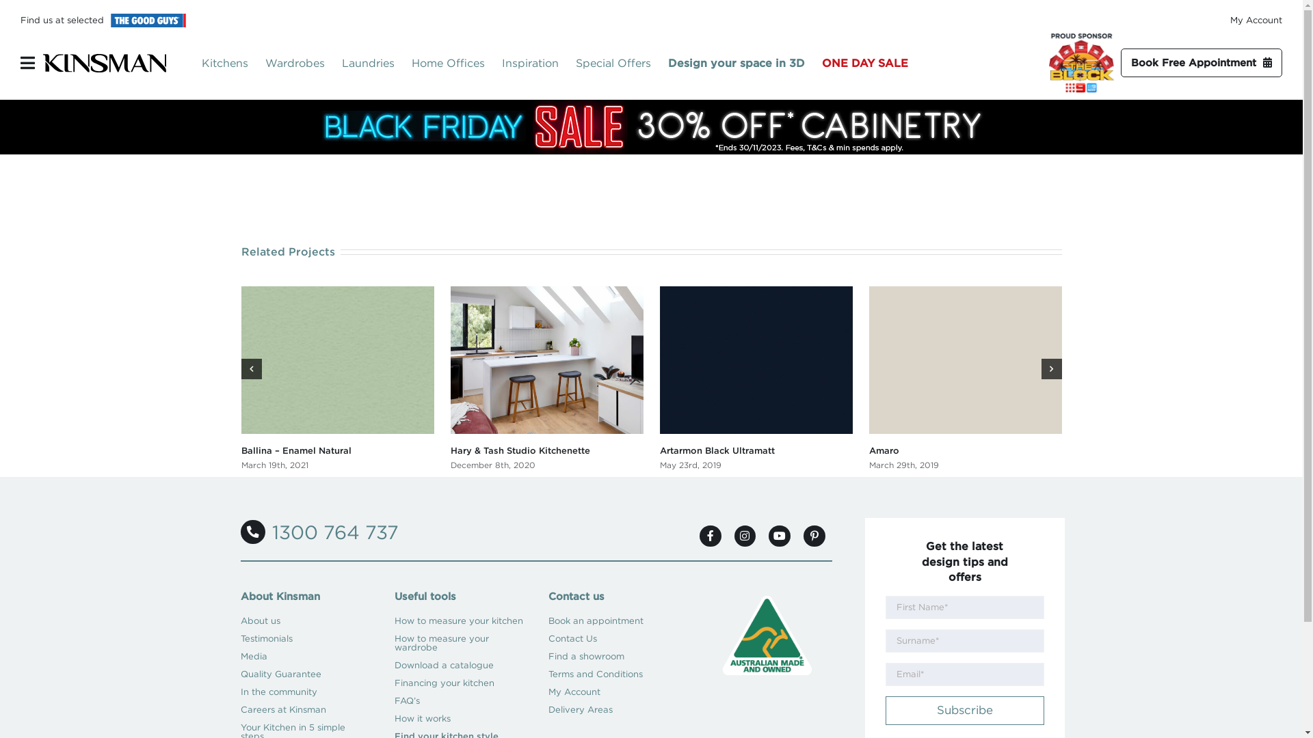 The height and width of the screenshot is (738, 1313). I want to click on 'In the community', so click(304, 692).